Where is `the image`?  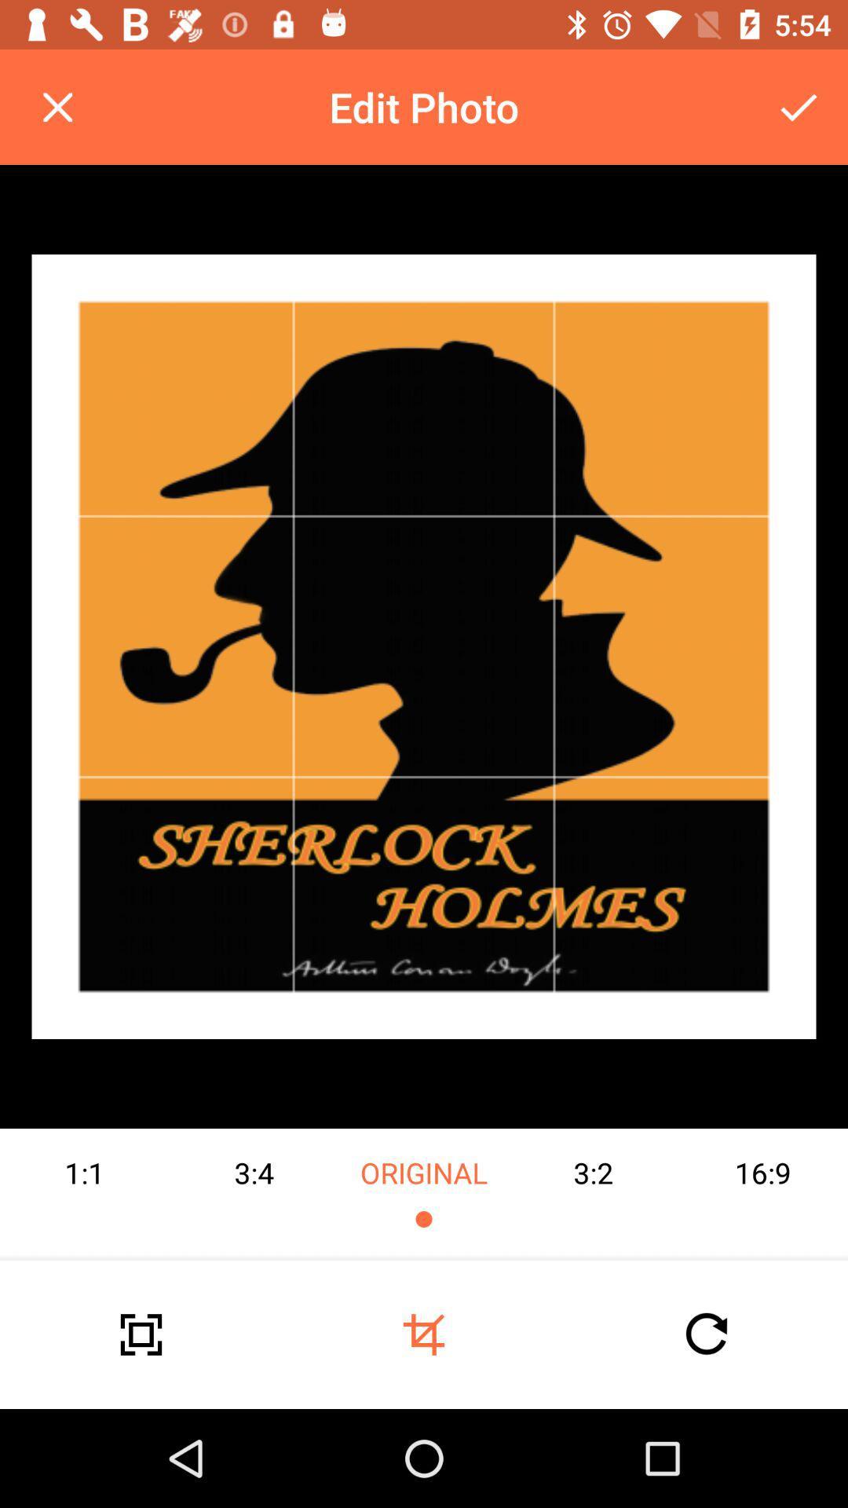
the image is located at coordinates (424, 646).